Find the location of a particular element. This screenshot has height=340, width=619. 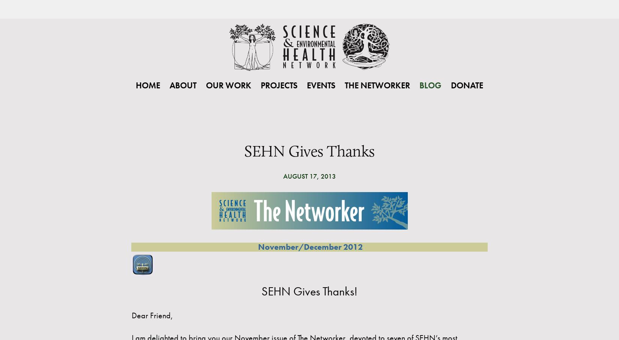

'SEHN Gives Thanks!' is located at coordinates (261, 291).